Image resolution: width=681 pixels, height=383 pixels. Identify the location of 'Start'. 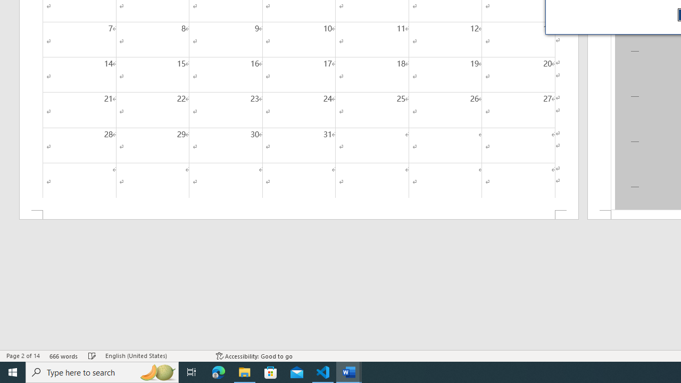
(13, 371).